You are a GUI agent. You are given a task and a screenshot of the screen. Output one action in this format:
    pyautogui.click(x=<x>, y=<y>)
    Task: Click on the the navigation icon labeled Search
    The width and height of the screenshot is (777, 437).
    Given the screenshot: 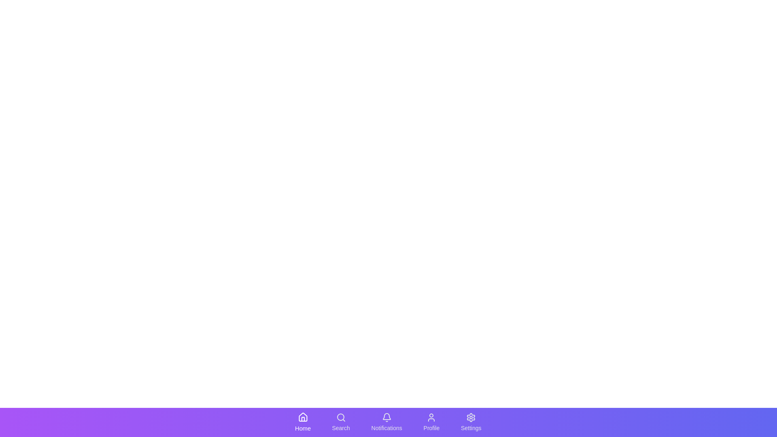 What is the action you would take?
    pyautogui.click(x=341, y=422)
    